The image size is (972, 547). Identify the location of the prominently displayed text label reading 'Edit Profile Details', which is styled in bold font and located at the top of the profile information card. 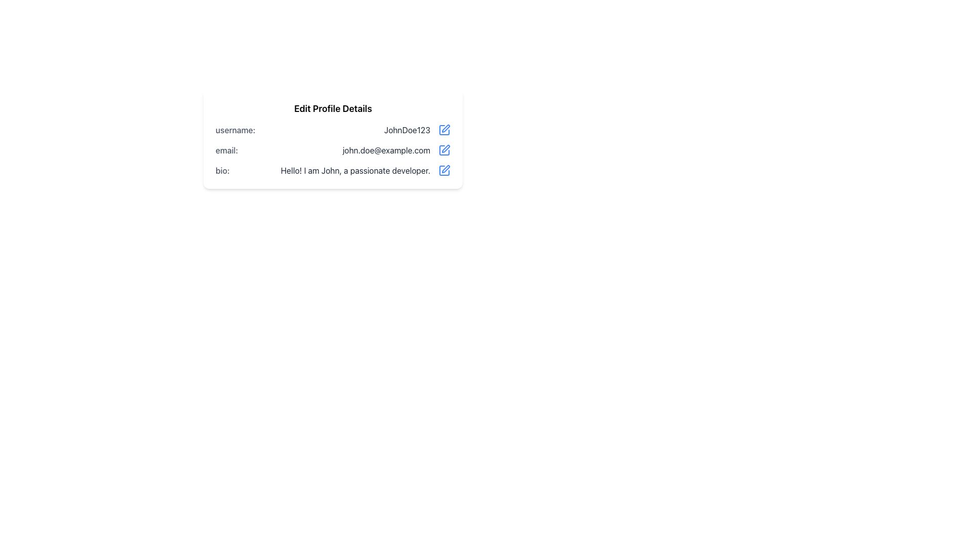
(333, 109).